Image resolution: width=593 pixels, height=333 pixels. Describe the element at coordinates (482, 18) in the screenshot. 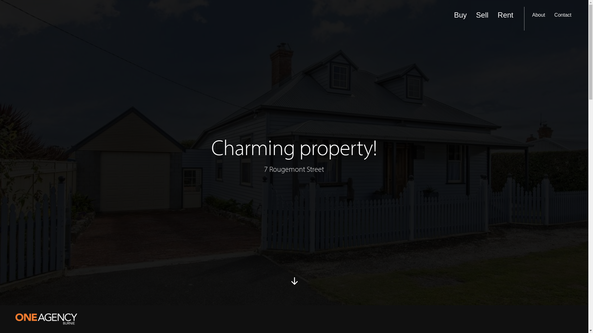

I see `'Sell'` at that location.